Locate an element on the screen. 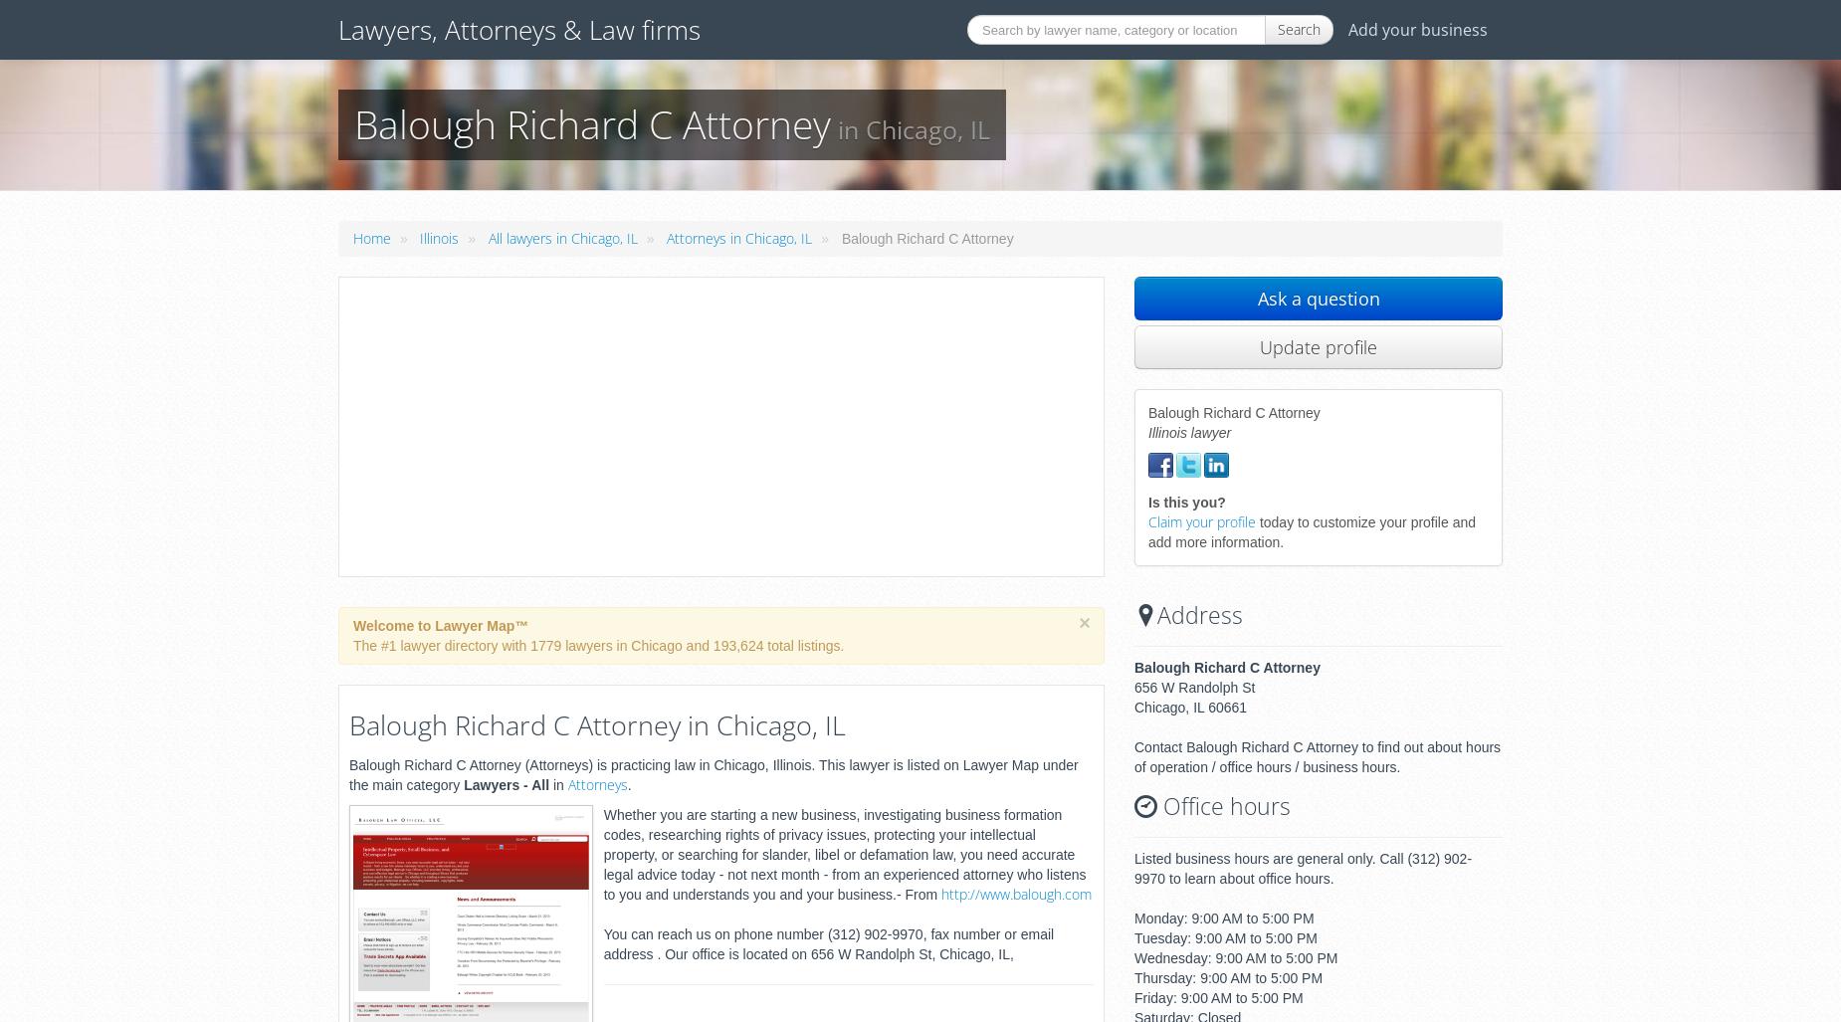 The image size is (1841, 1022). 'You can reach us on phone number (312) 902-9970, fax number  or email address . Our office is located on 656 W Randolph St, Chicago,  IL,' is located at coordinates (828, 943).